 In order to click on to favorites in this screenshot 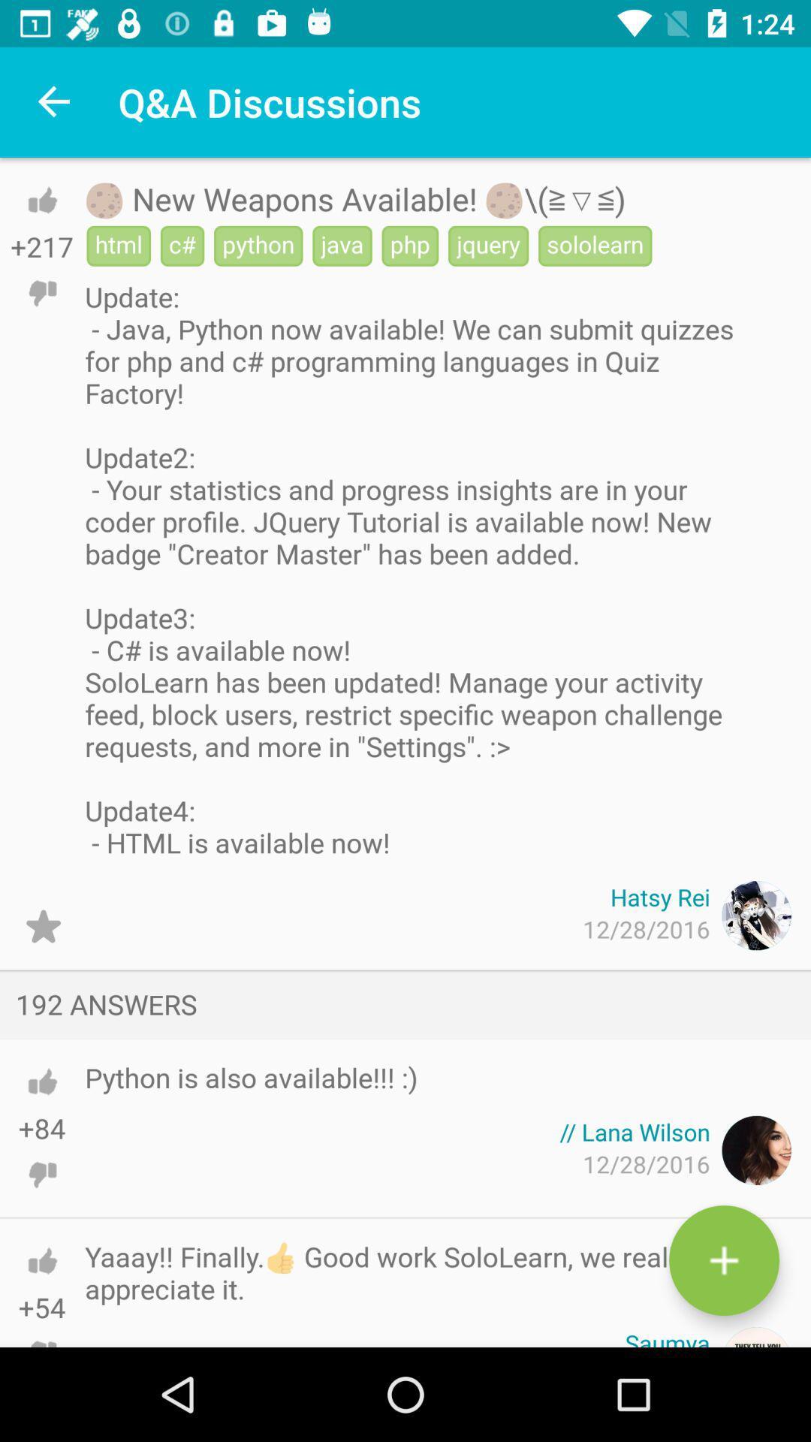, I will do `click(42, 925)`.